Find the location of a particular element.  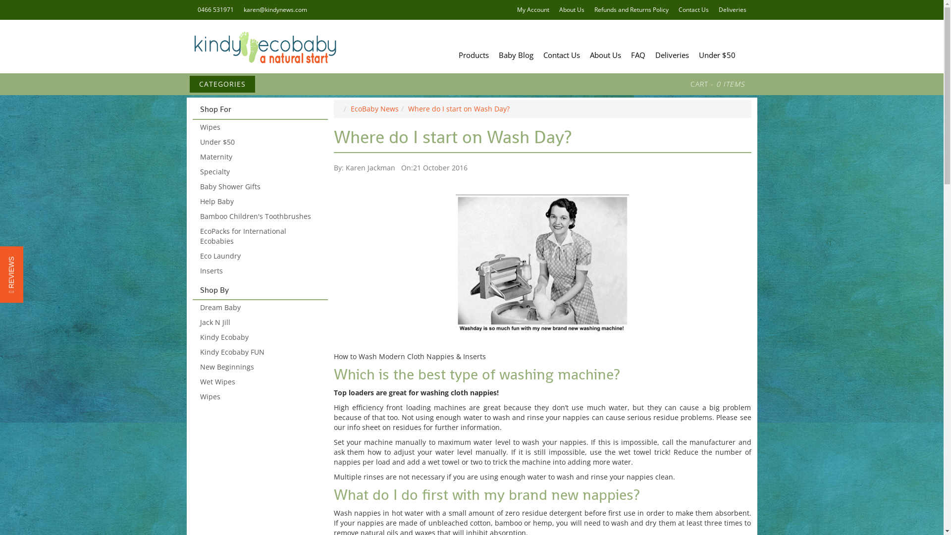

'Where do I start on Wash Day?' is located at coordinates (458, 108).